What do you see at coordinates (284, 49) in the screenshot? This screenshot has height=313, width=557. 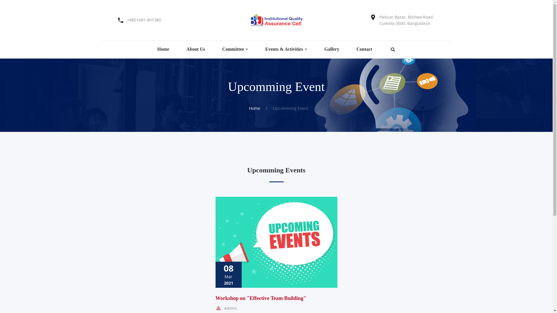 I see `'Events & Activities'` at bounding box center [284, 49].